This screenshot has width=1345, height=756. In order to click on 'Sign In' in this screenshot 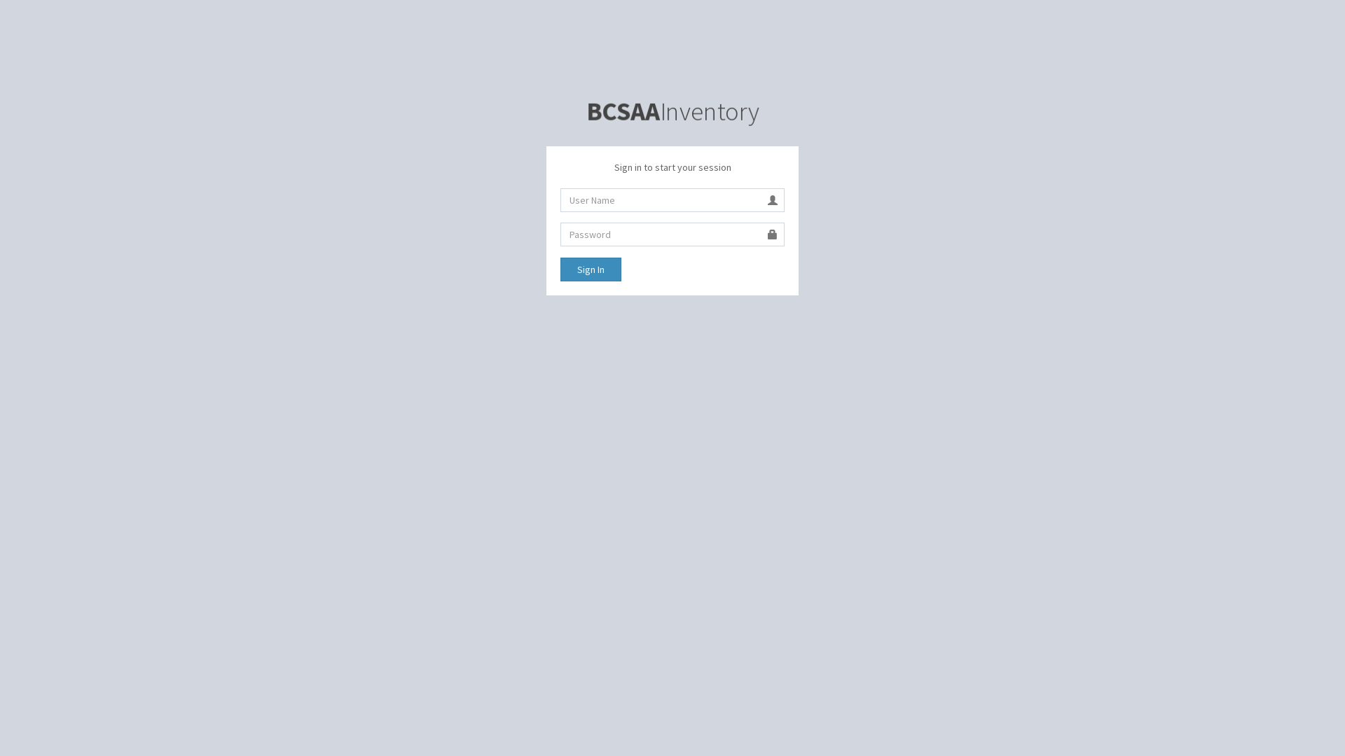, I will do `click(591, 269)`.